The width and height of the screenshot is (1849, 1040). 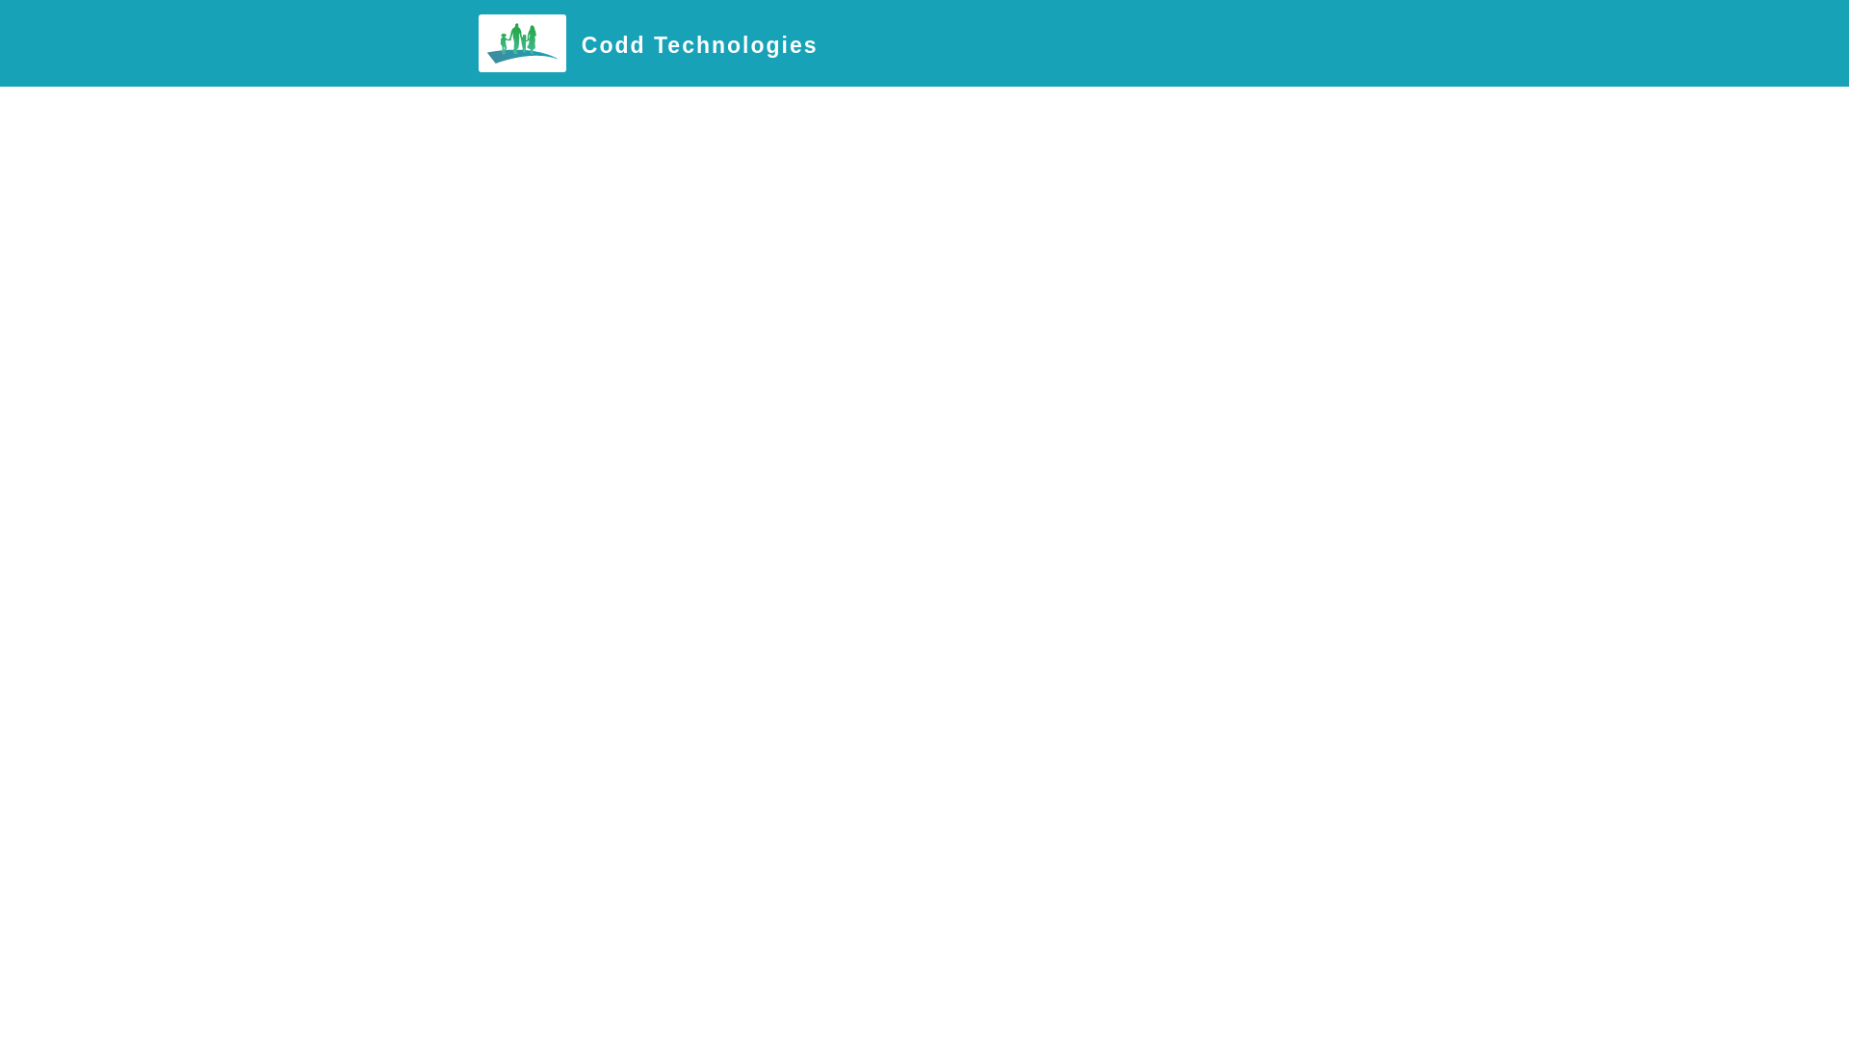 I want to click on 'Codd Technologies', so click(x=522, y=43).